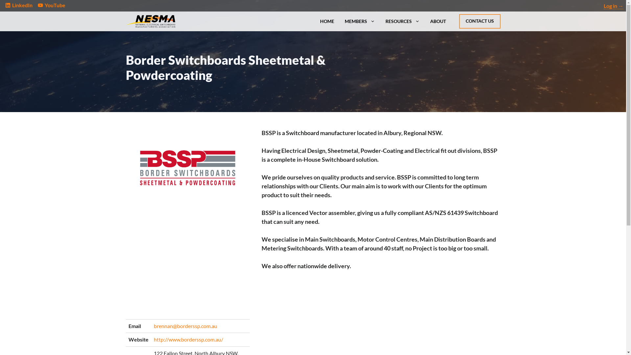 This screenshot has width=631, height=355. Describe the element at coordinates (188, 339) in the screenshot. I see `'http://www.borderssp.com.au/'` at that location.